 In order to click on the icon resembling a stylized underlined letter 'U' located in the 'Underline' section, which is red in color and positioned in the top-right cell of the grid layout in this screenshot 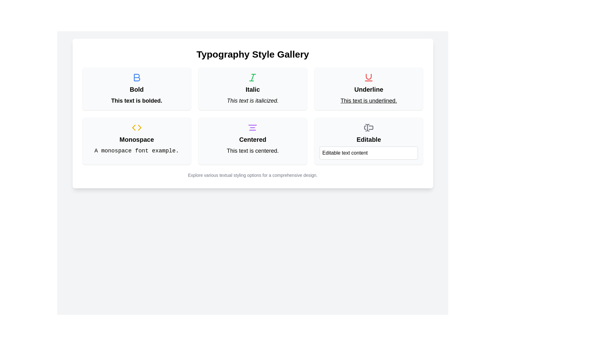, I will do `click(369, 77)`.